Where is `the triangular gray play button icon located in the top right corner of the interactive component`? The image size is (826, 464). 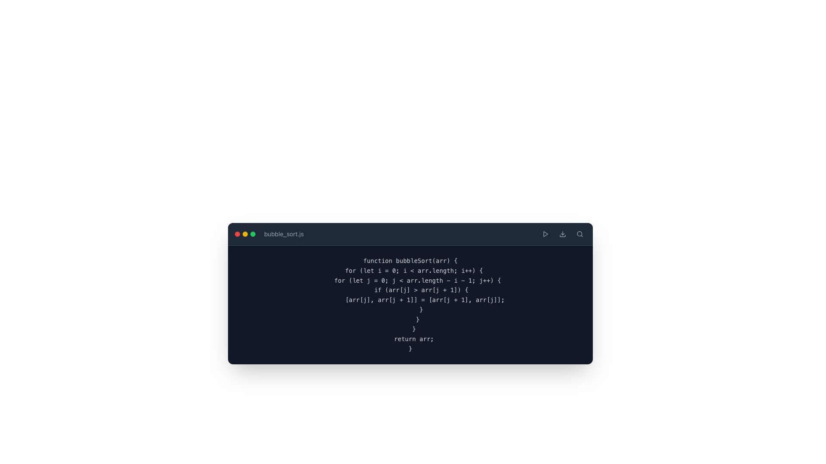 the triangular gray play button icon located in the top right corner of the interactive component is located at coordinates (545, 234).